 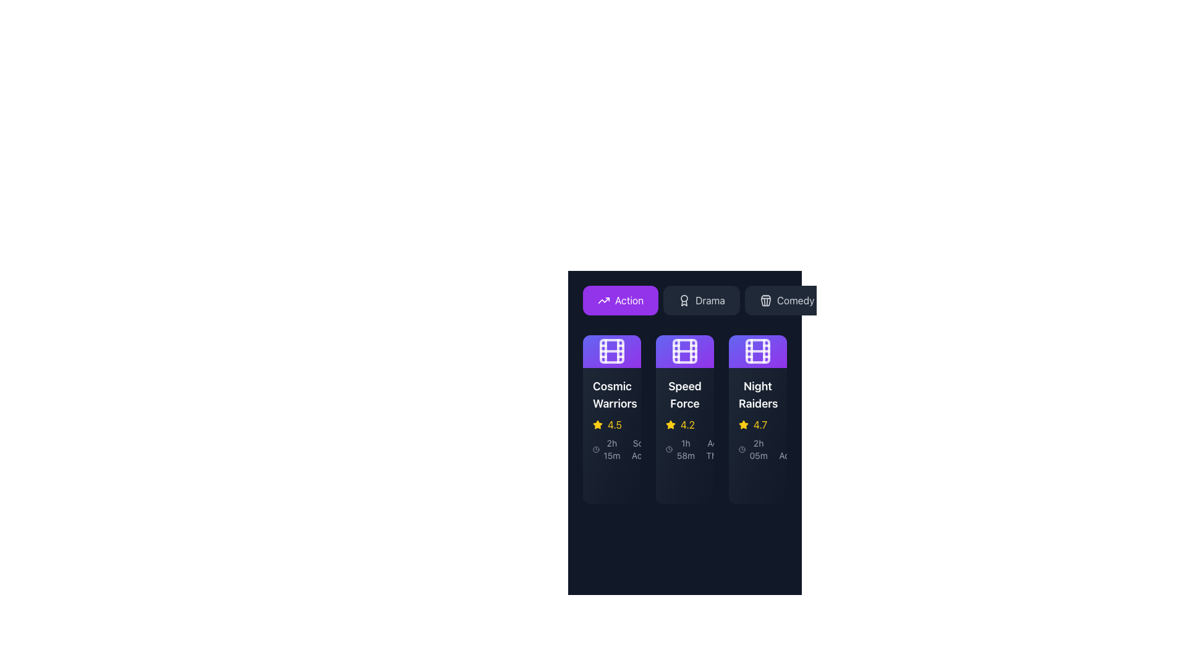 I want to click on the informational card for the movie 'Speed Force', which is the second card in a row of three cards, located between the 'Cosmic Warriors' card and the 'Night Raiders' card, so click(x=684, y=419).